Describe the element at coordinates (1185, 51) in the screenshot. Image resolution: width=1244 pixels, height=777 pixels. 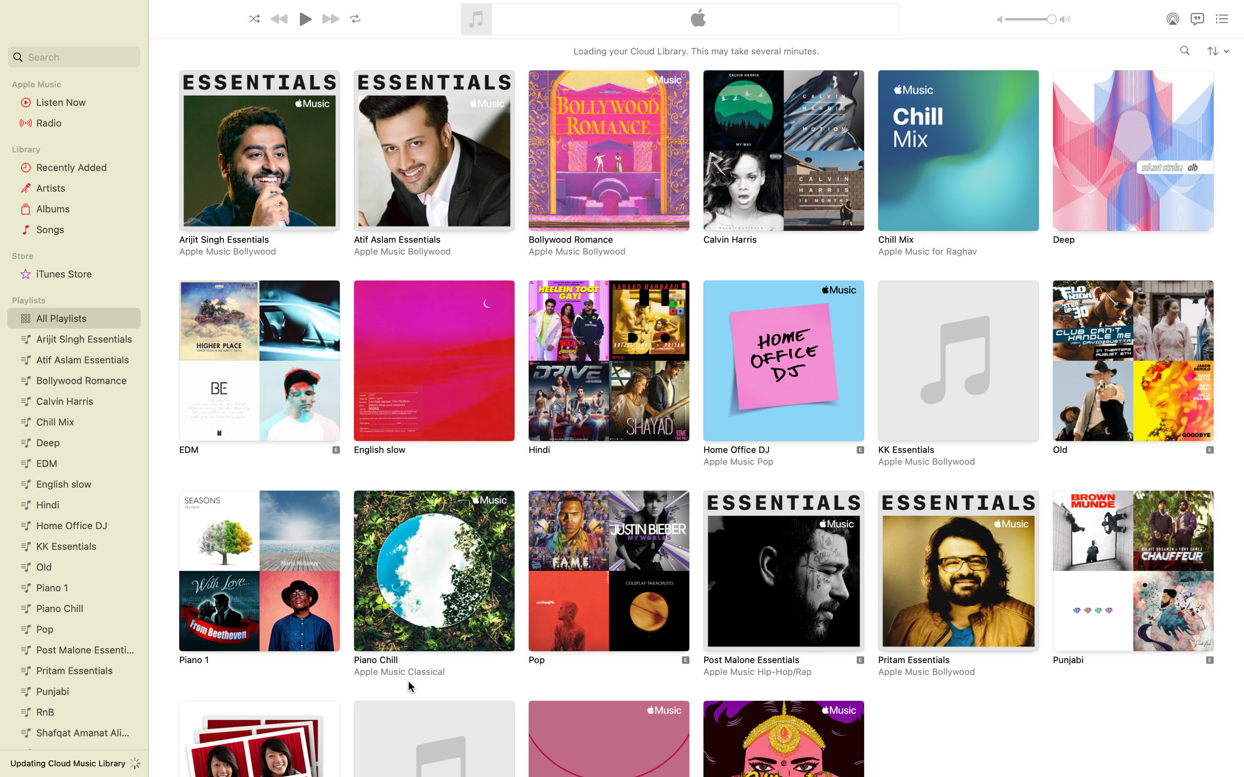
I see `music by the singer "Adele` at that location.